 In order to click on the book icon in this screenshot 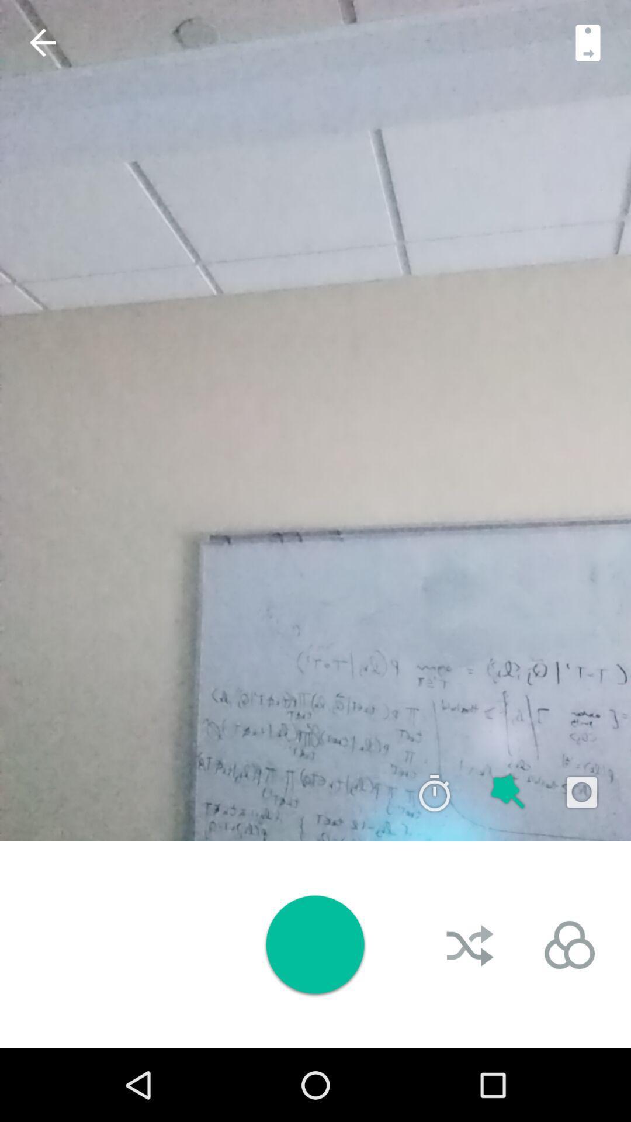, I will do `click(588, 43)`.